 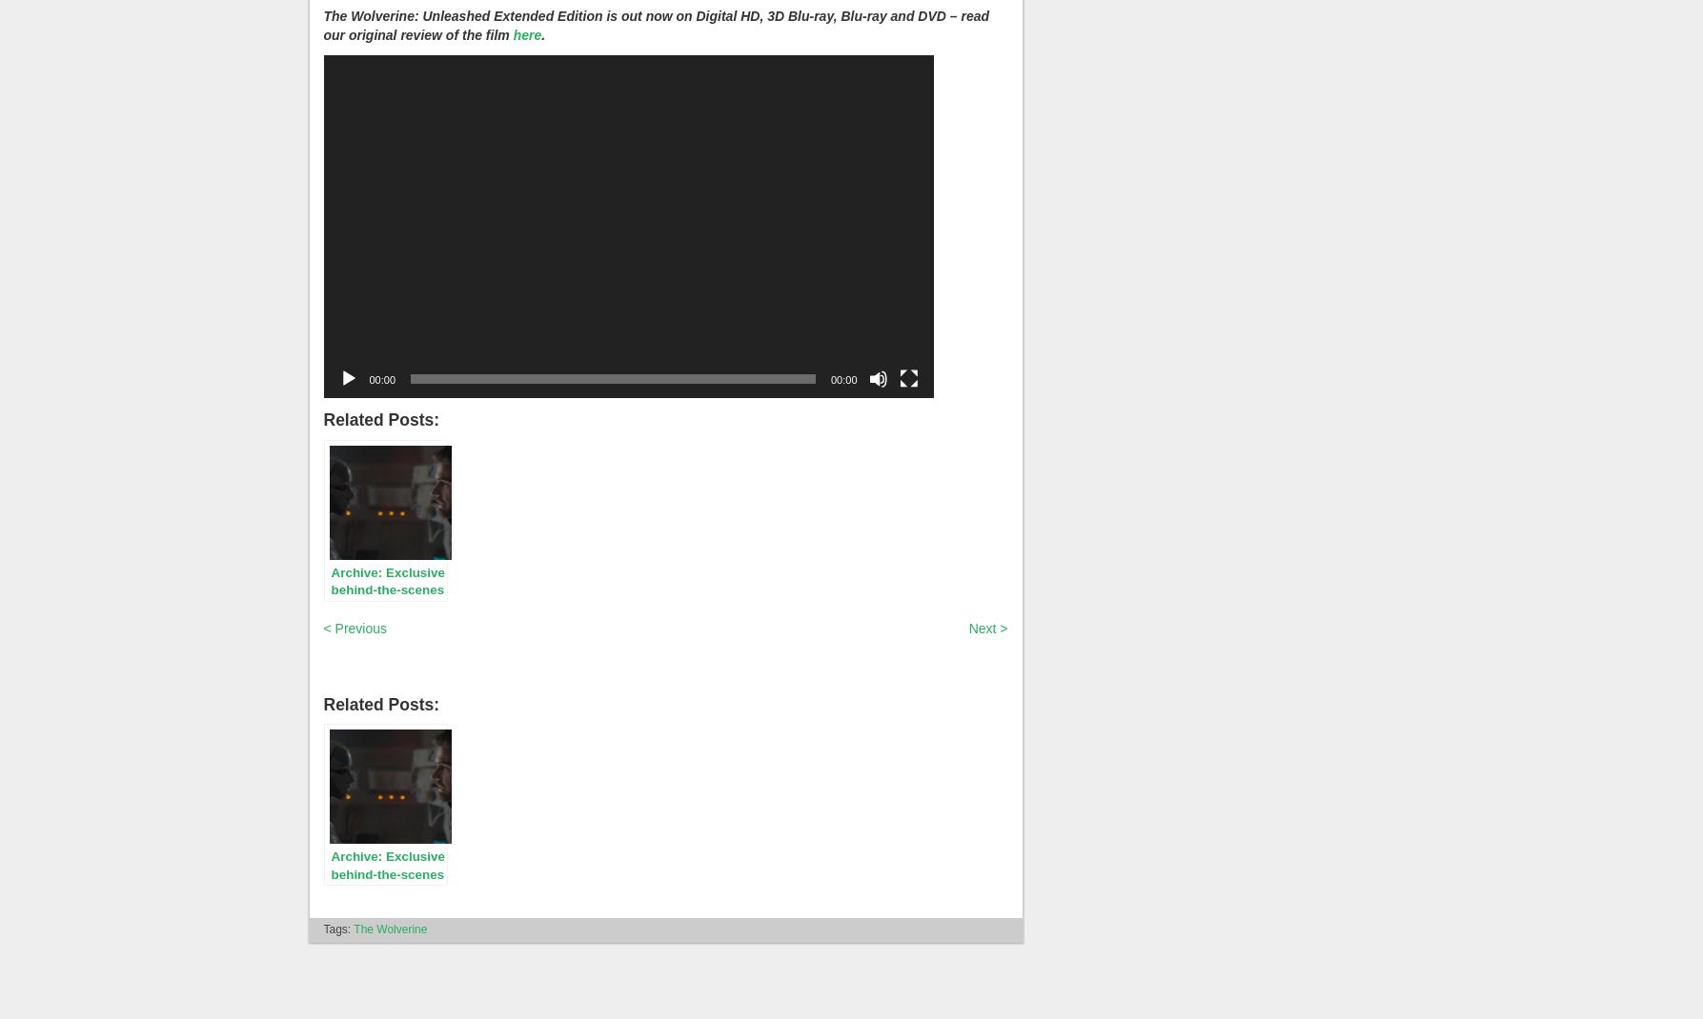 I want to click on '.', so click(x=542, y=34).